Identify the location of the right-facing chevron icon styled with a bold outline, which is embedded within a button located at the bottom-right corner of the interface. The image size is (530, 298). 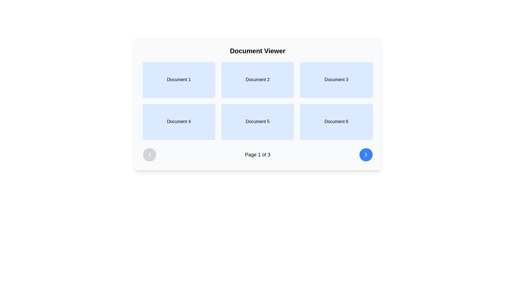
(366, 155).